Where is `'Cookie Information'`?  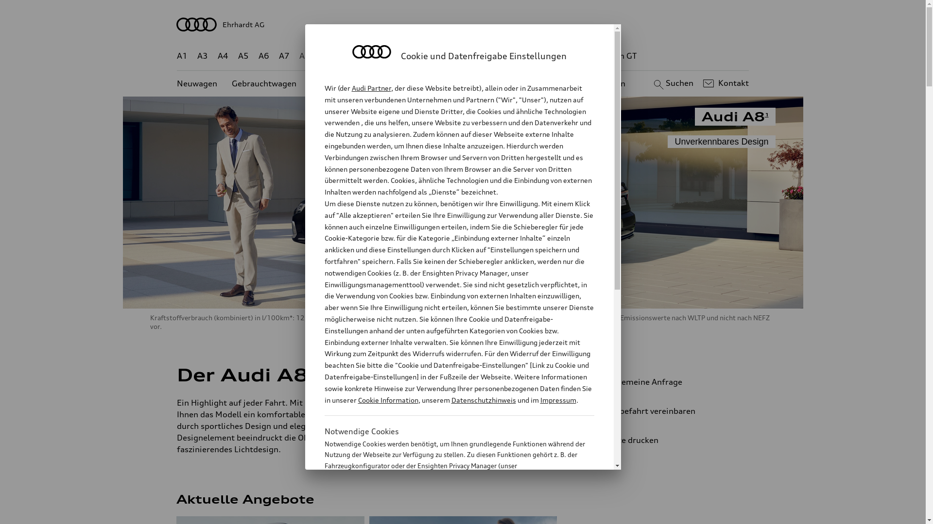
'Cookie Information' is located at coordinates (387, 400).